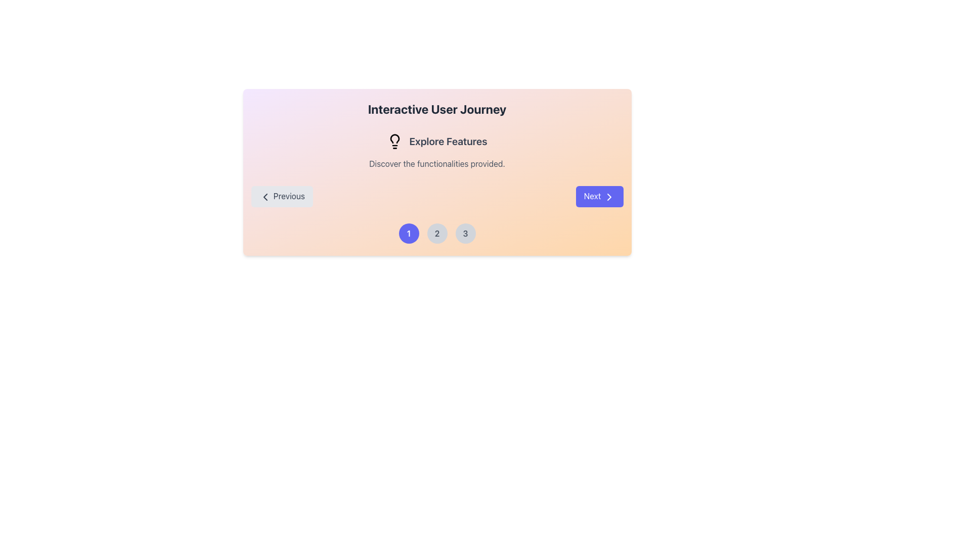  What do you see at coordinates (282, 196) in the screenshot?
I see `the 'Previous' button with a leftward chevron icon` at bounding box center [282, 196].